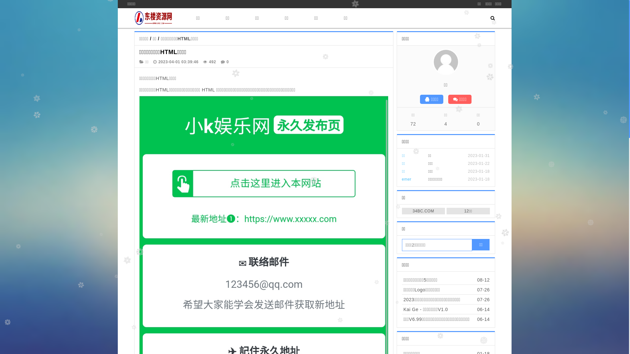  What do you see at coordinates (423, 211) in the screenshot?
I see `'34BC.COM'` at bounding box center [423, 211].